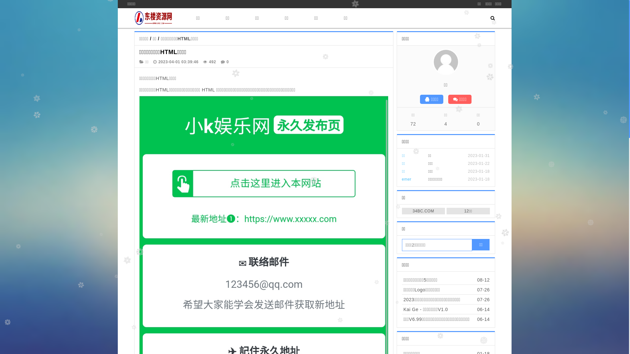  What do you see at coordinates (423, 211) in the screenshot?
I see `'34BC.COM'` at bounding box center [423, 211].